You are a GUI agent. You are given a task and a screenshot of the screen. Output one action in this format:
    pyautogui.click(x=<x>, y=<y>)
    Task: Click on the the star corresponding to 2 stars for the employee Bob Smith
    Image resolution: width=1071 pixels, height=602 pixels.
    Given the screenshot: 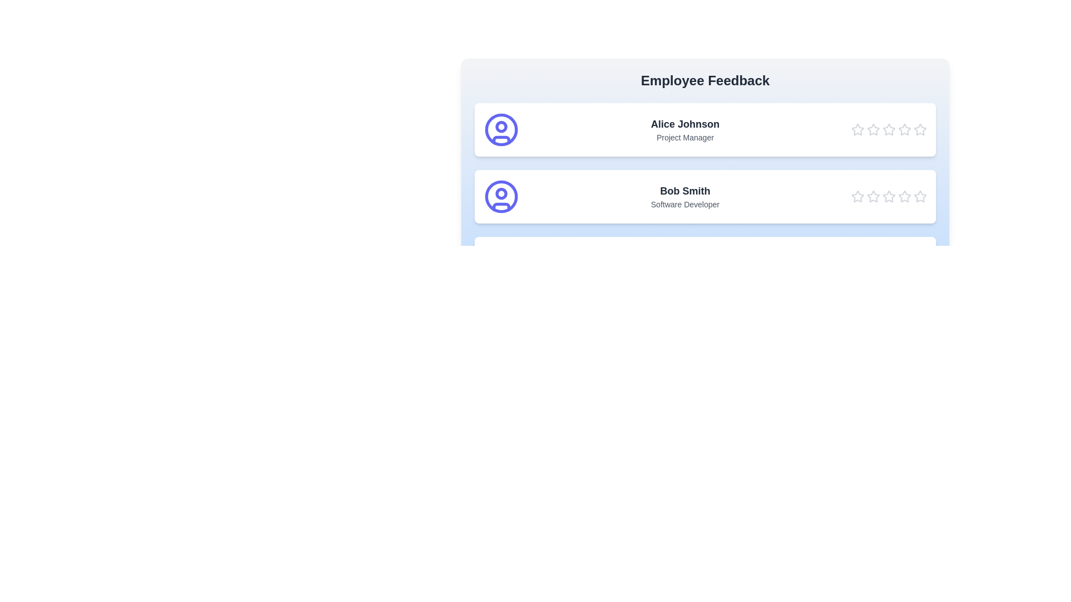 What is the action you would take?
    pyautogui.click(x=872, y=196)
    